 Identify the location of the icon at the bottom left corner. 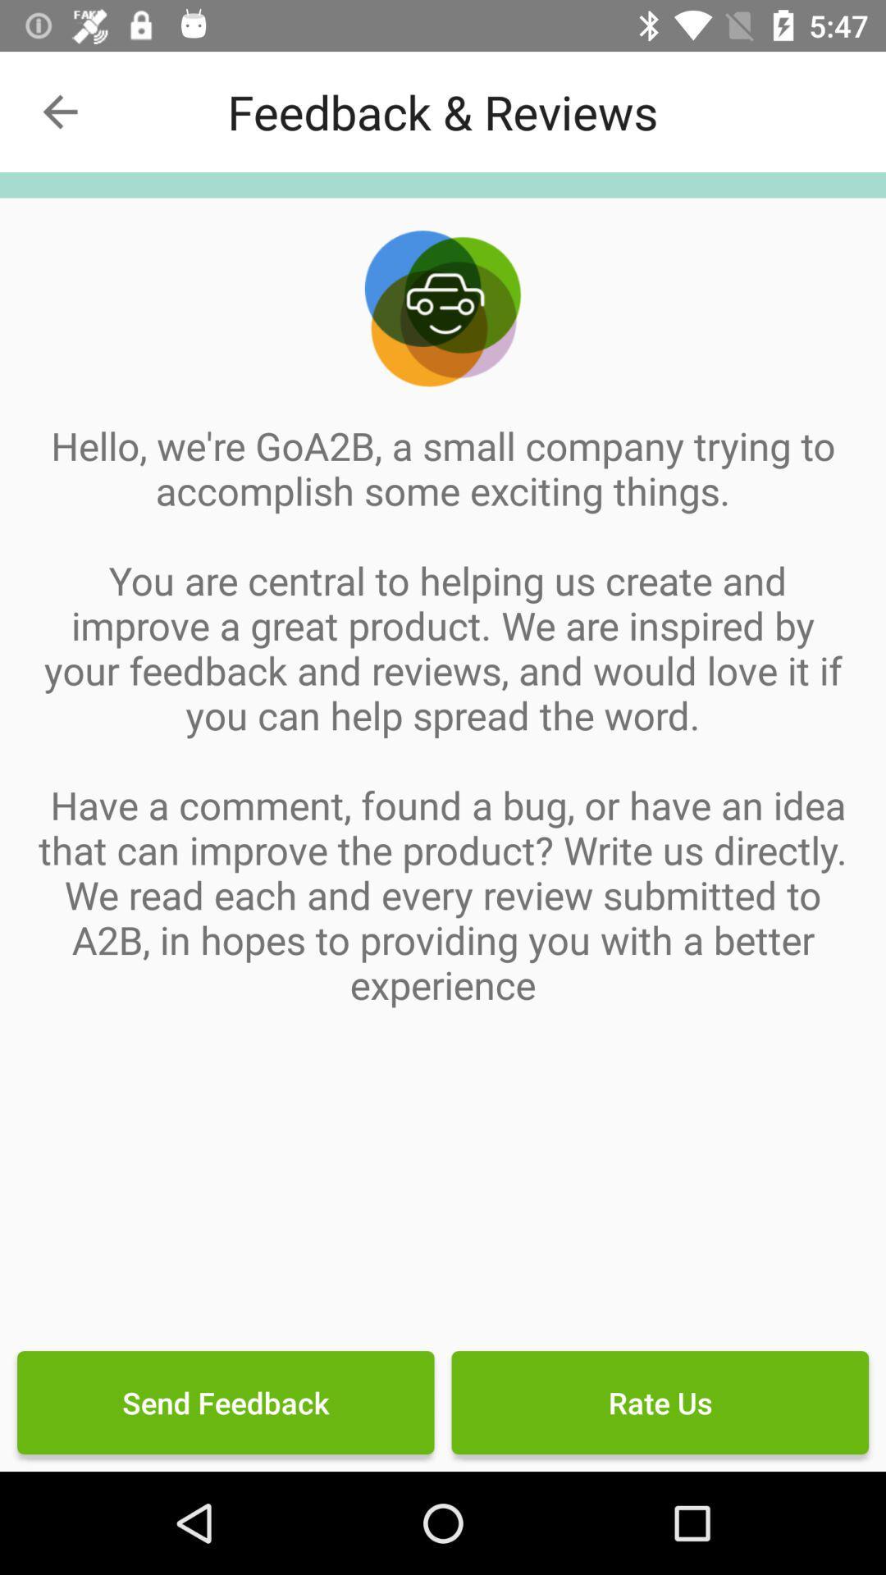
(226, 1401).